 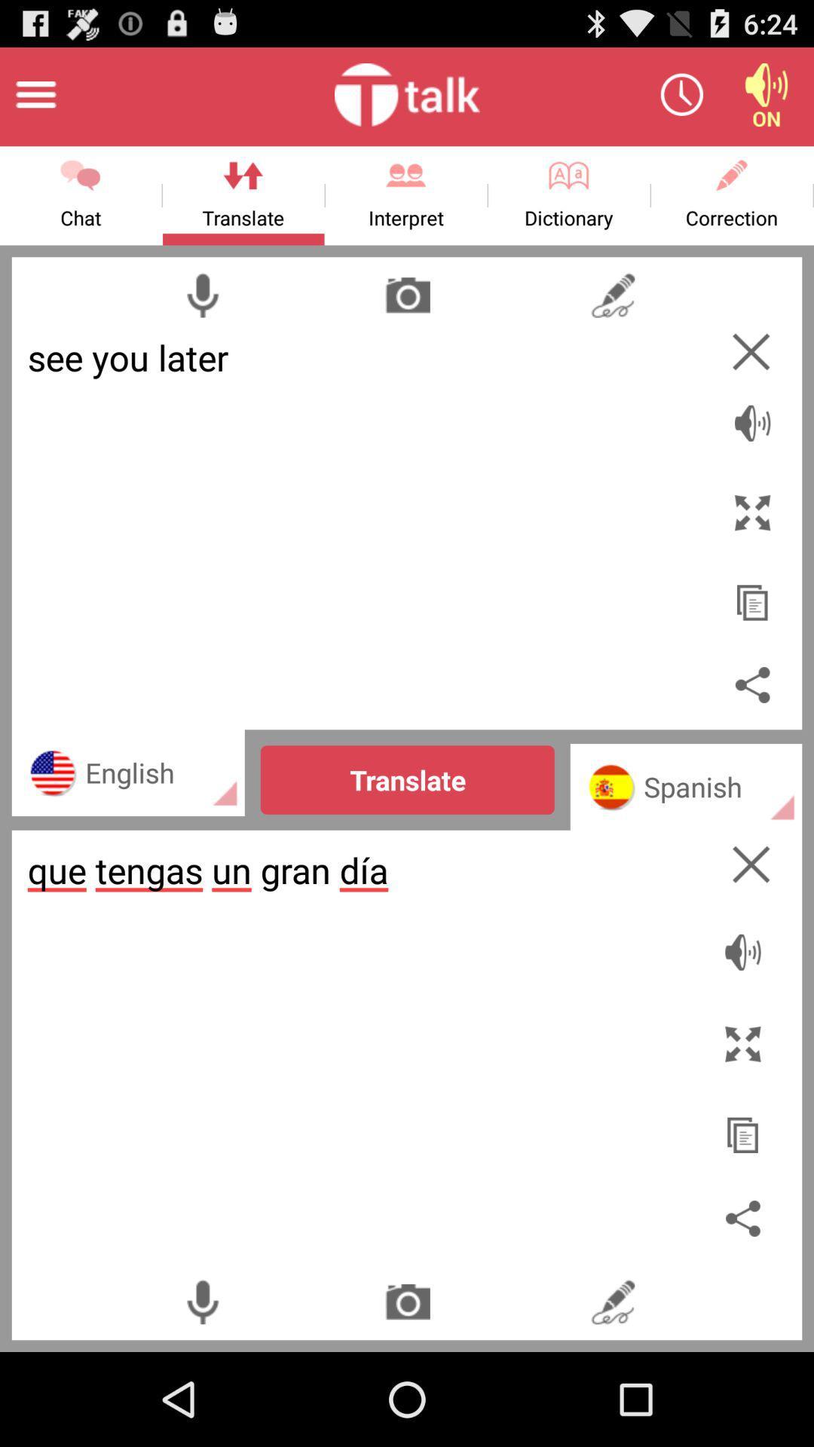 I want to click on the flash icon, so click(x=613, y=1392).